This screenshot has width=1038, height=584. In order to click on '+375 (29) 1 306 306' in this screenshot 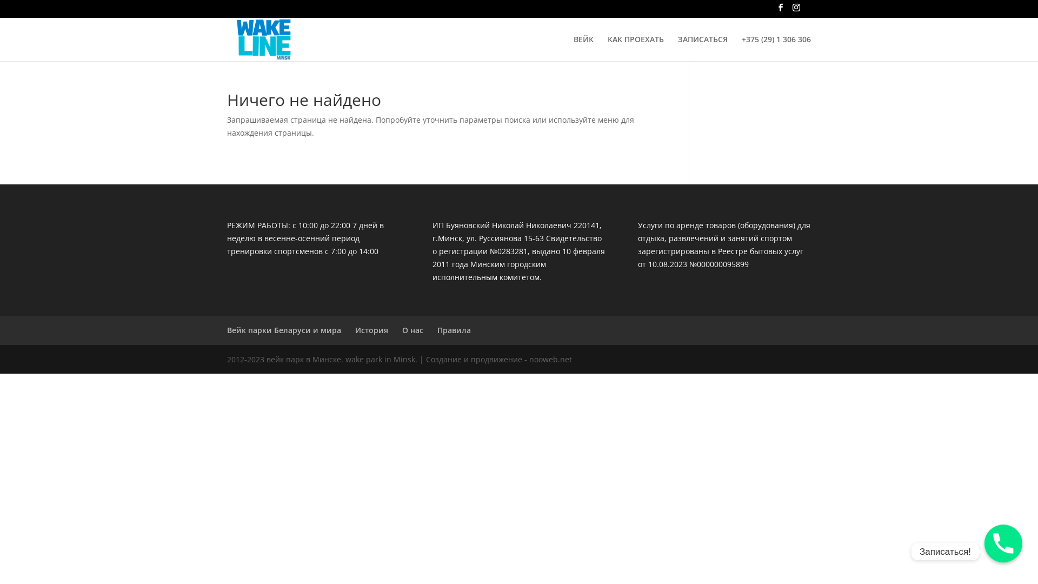, I will do `click(775, 48)`.